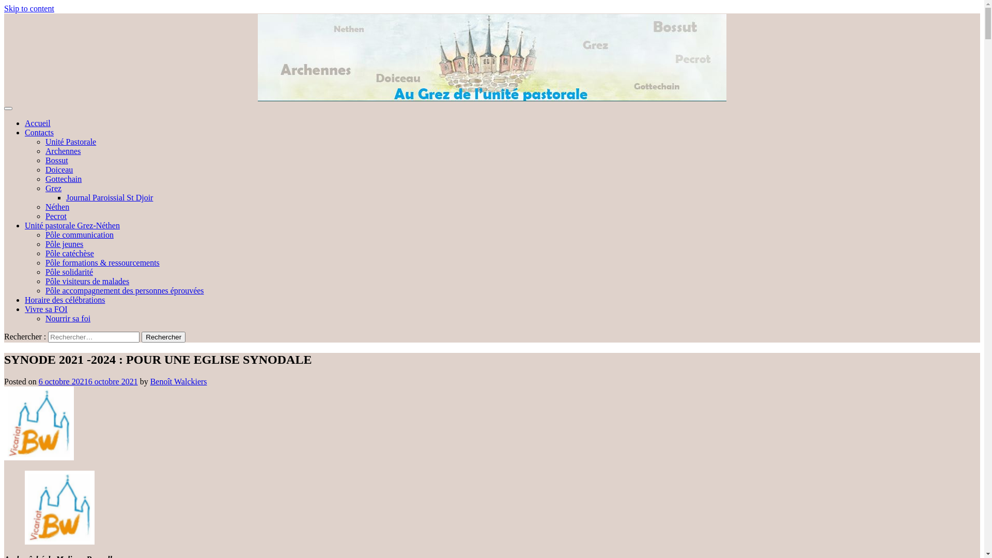 The width and height of the screenshot is (992, 558). Describe the element at coordinates (37, 122) in the screenshot. I see `'Accueil'` at that location.